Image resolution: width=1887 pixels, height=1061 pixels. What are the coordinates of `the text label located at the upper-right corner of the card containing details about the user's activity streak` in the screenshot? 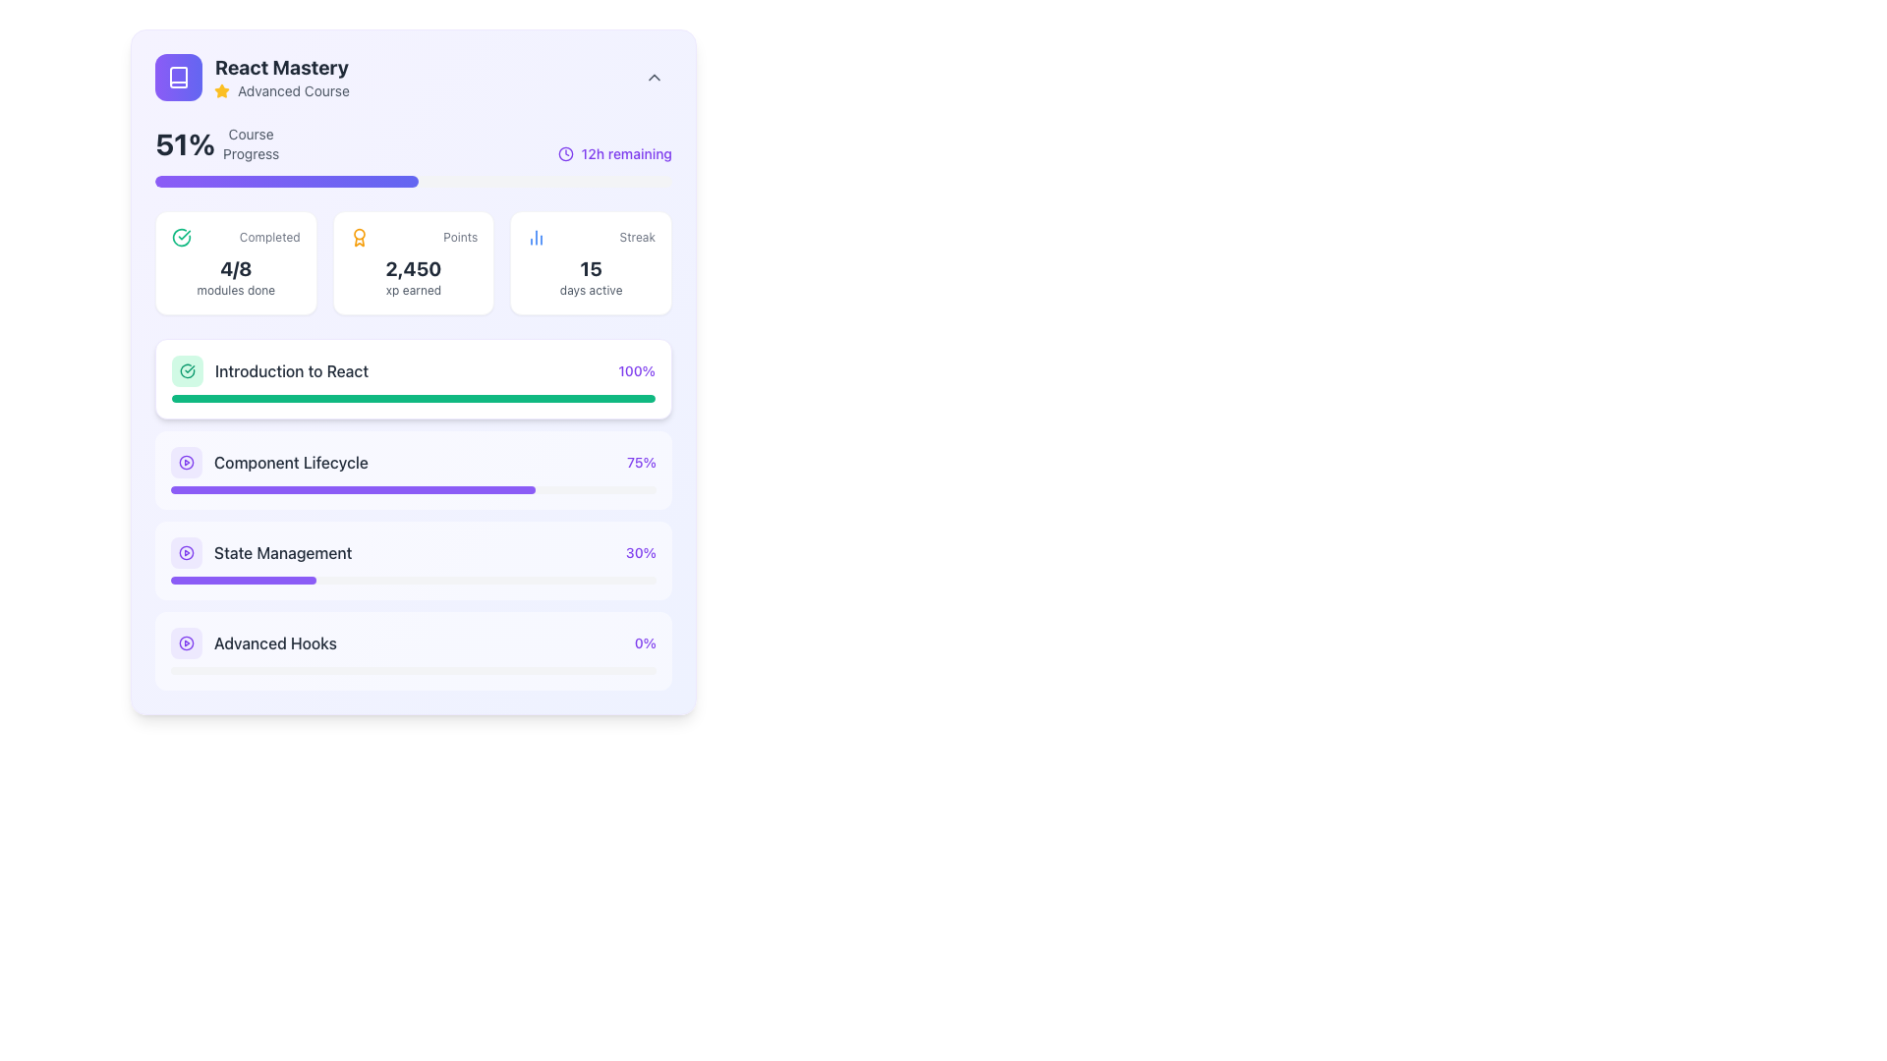 It's located at (637, 237).